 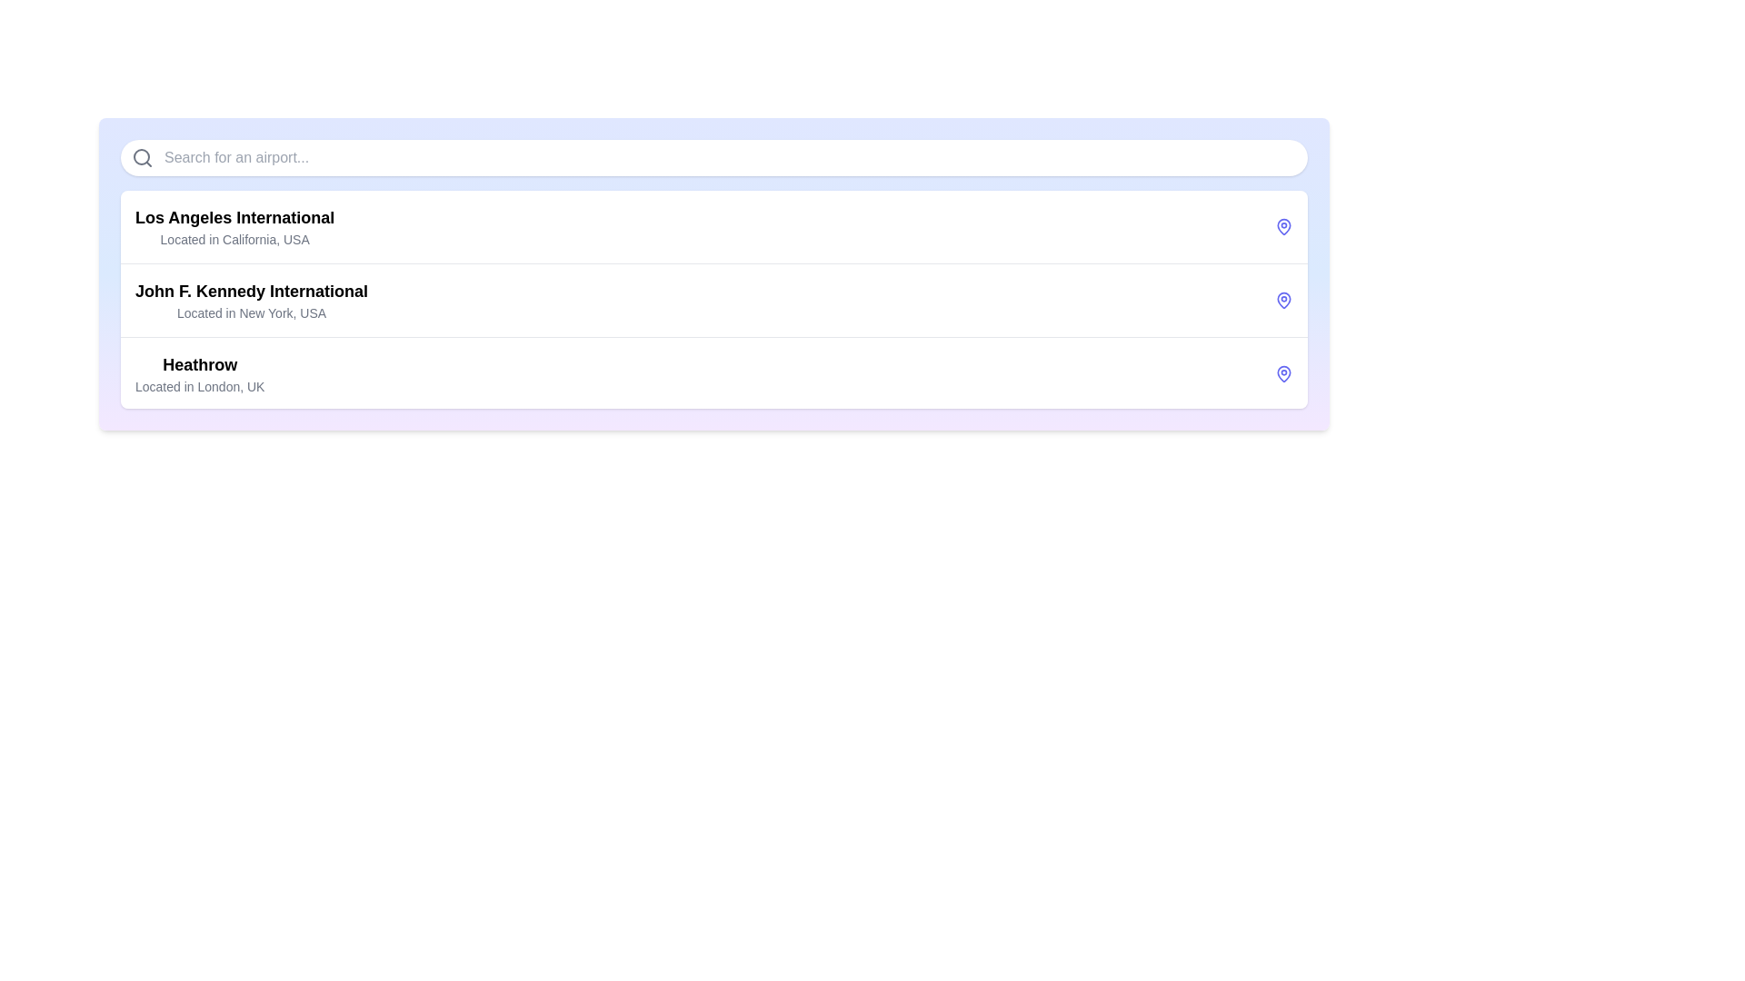 What do you see at coordinates (234, 216) in the screenshot?
I see `text displayed in the prominent text label 'Los Angeles International', which is the first entry in the airport options list` at bounding box center [234, 216].